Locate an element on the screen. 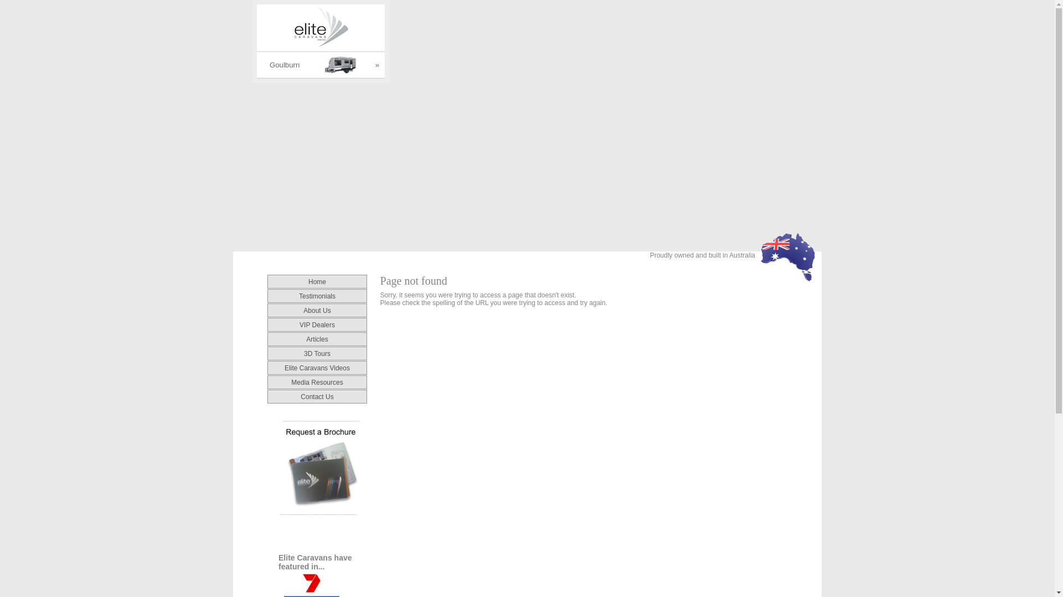 This screenshot has height=597, width=1063. 'About Us' is located at coordinates (303, 310).